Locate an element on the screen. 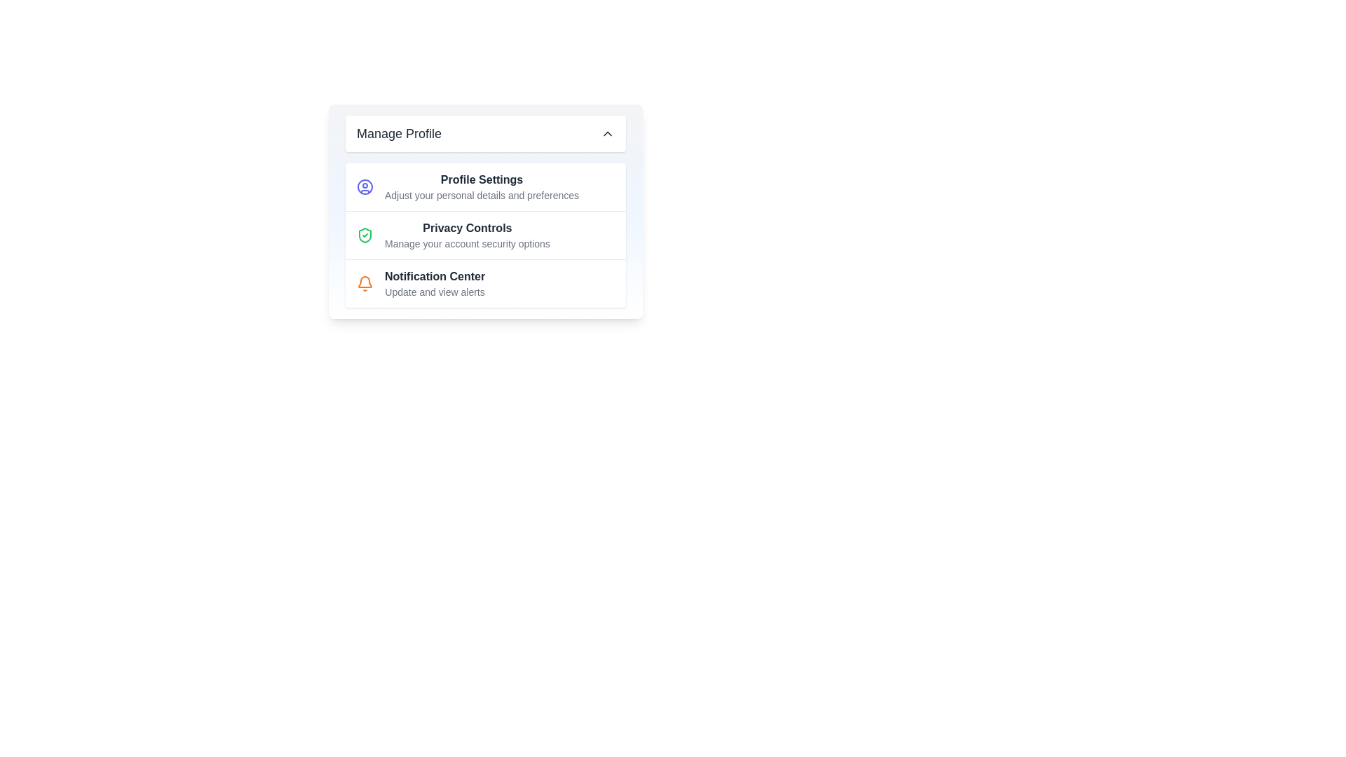 The height and width of the screenshot is (757, 1346). the shield icon indicating the security or privacy-related feature in the 'Privacy Controls' section, positioned between 'Profile Settings' and 'Notification Center' is located at coordinates (365, 234).